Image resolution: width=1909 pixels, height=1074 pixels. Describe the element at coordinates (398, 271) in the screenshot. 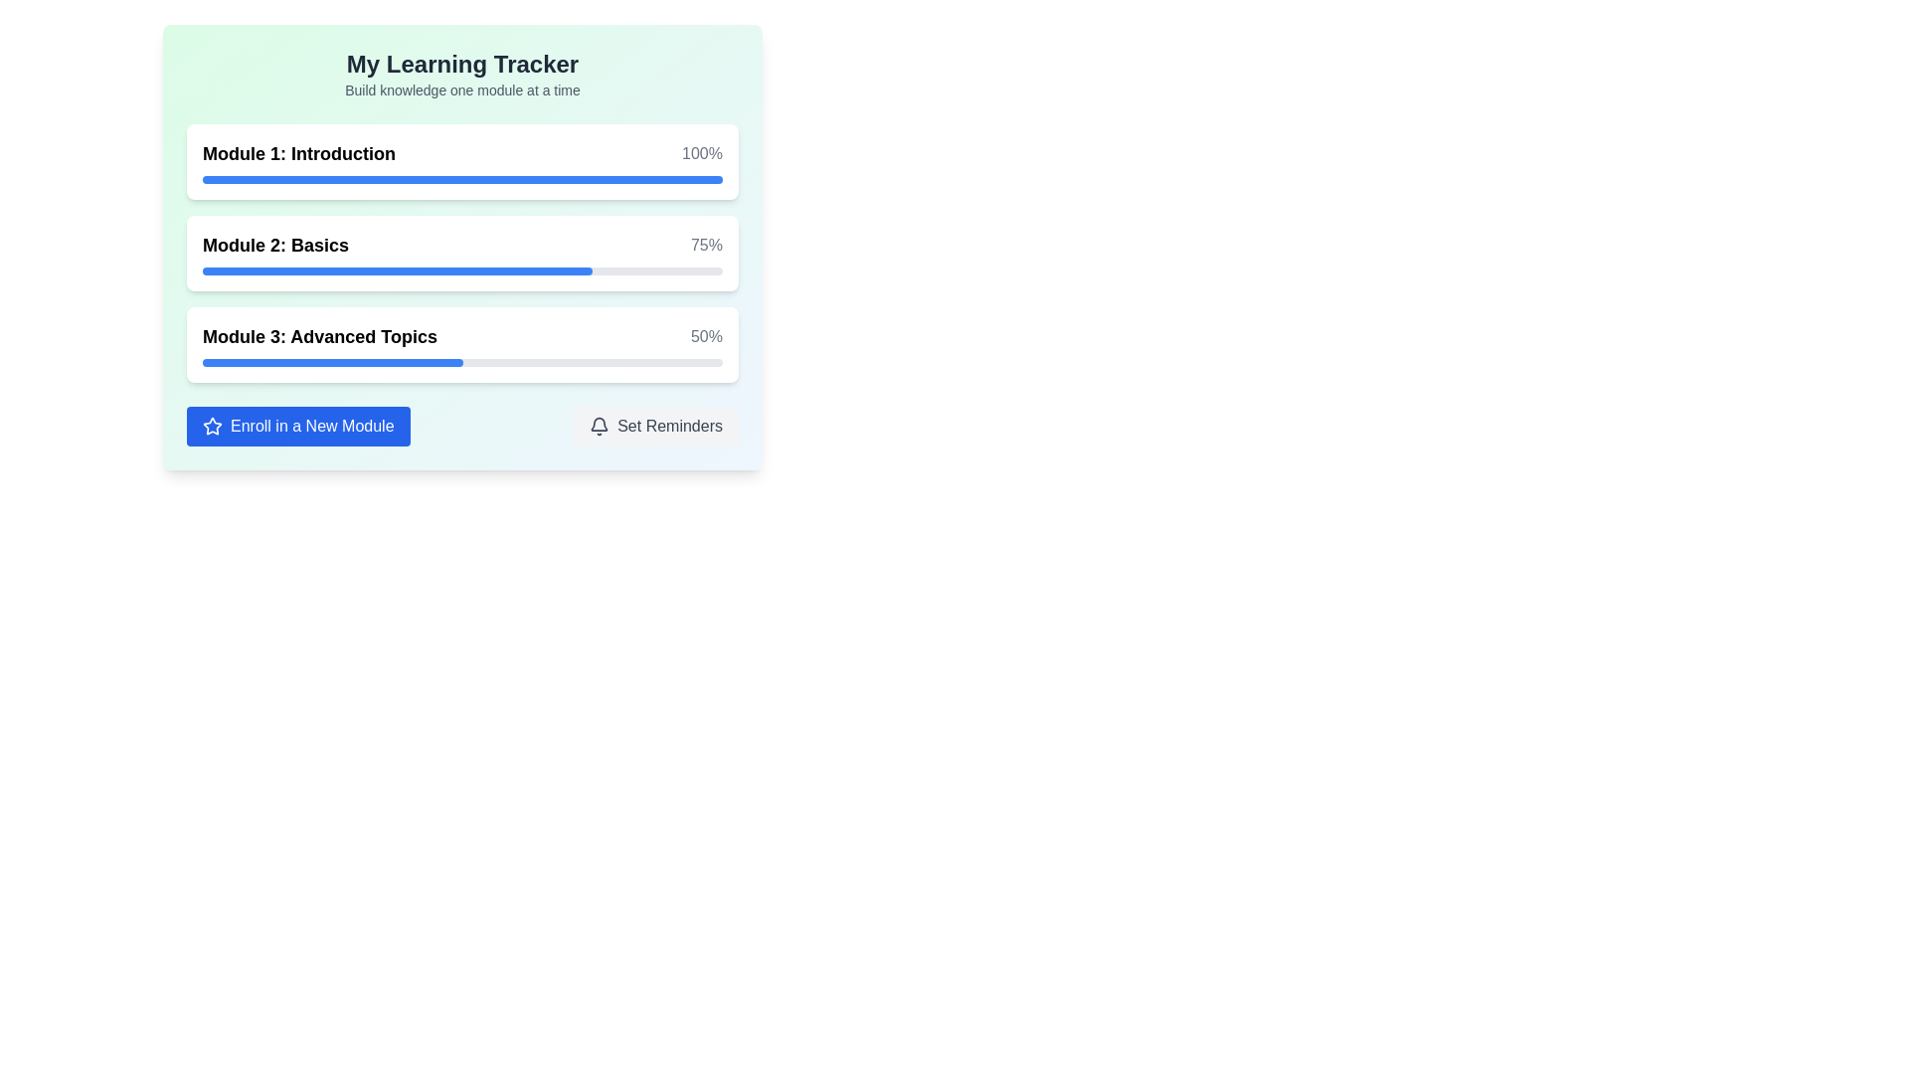

I see `the blue-filled portion of the progress bar that indicates 75% completion for 'Module 2: Basics'` at that location.